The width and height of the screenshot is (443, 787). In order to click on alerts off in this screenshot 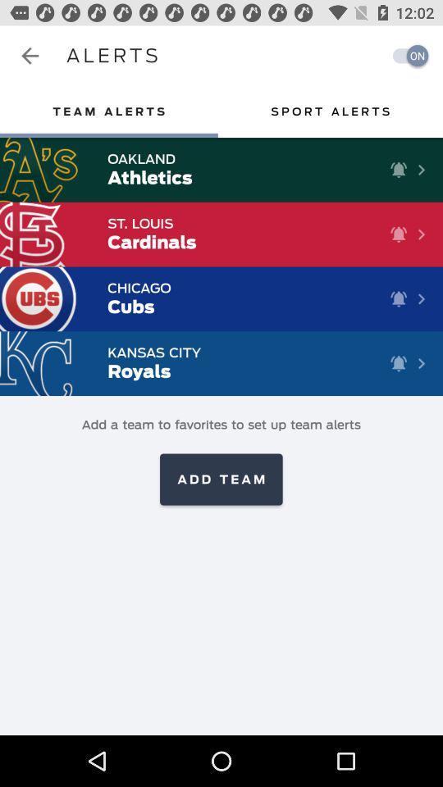, I will do `click(405, 56)`.